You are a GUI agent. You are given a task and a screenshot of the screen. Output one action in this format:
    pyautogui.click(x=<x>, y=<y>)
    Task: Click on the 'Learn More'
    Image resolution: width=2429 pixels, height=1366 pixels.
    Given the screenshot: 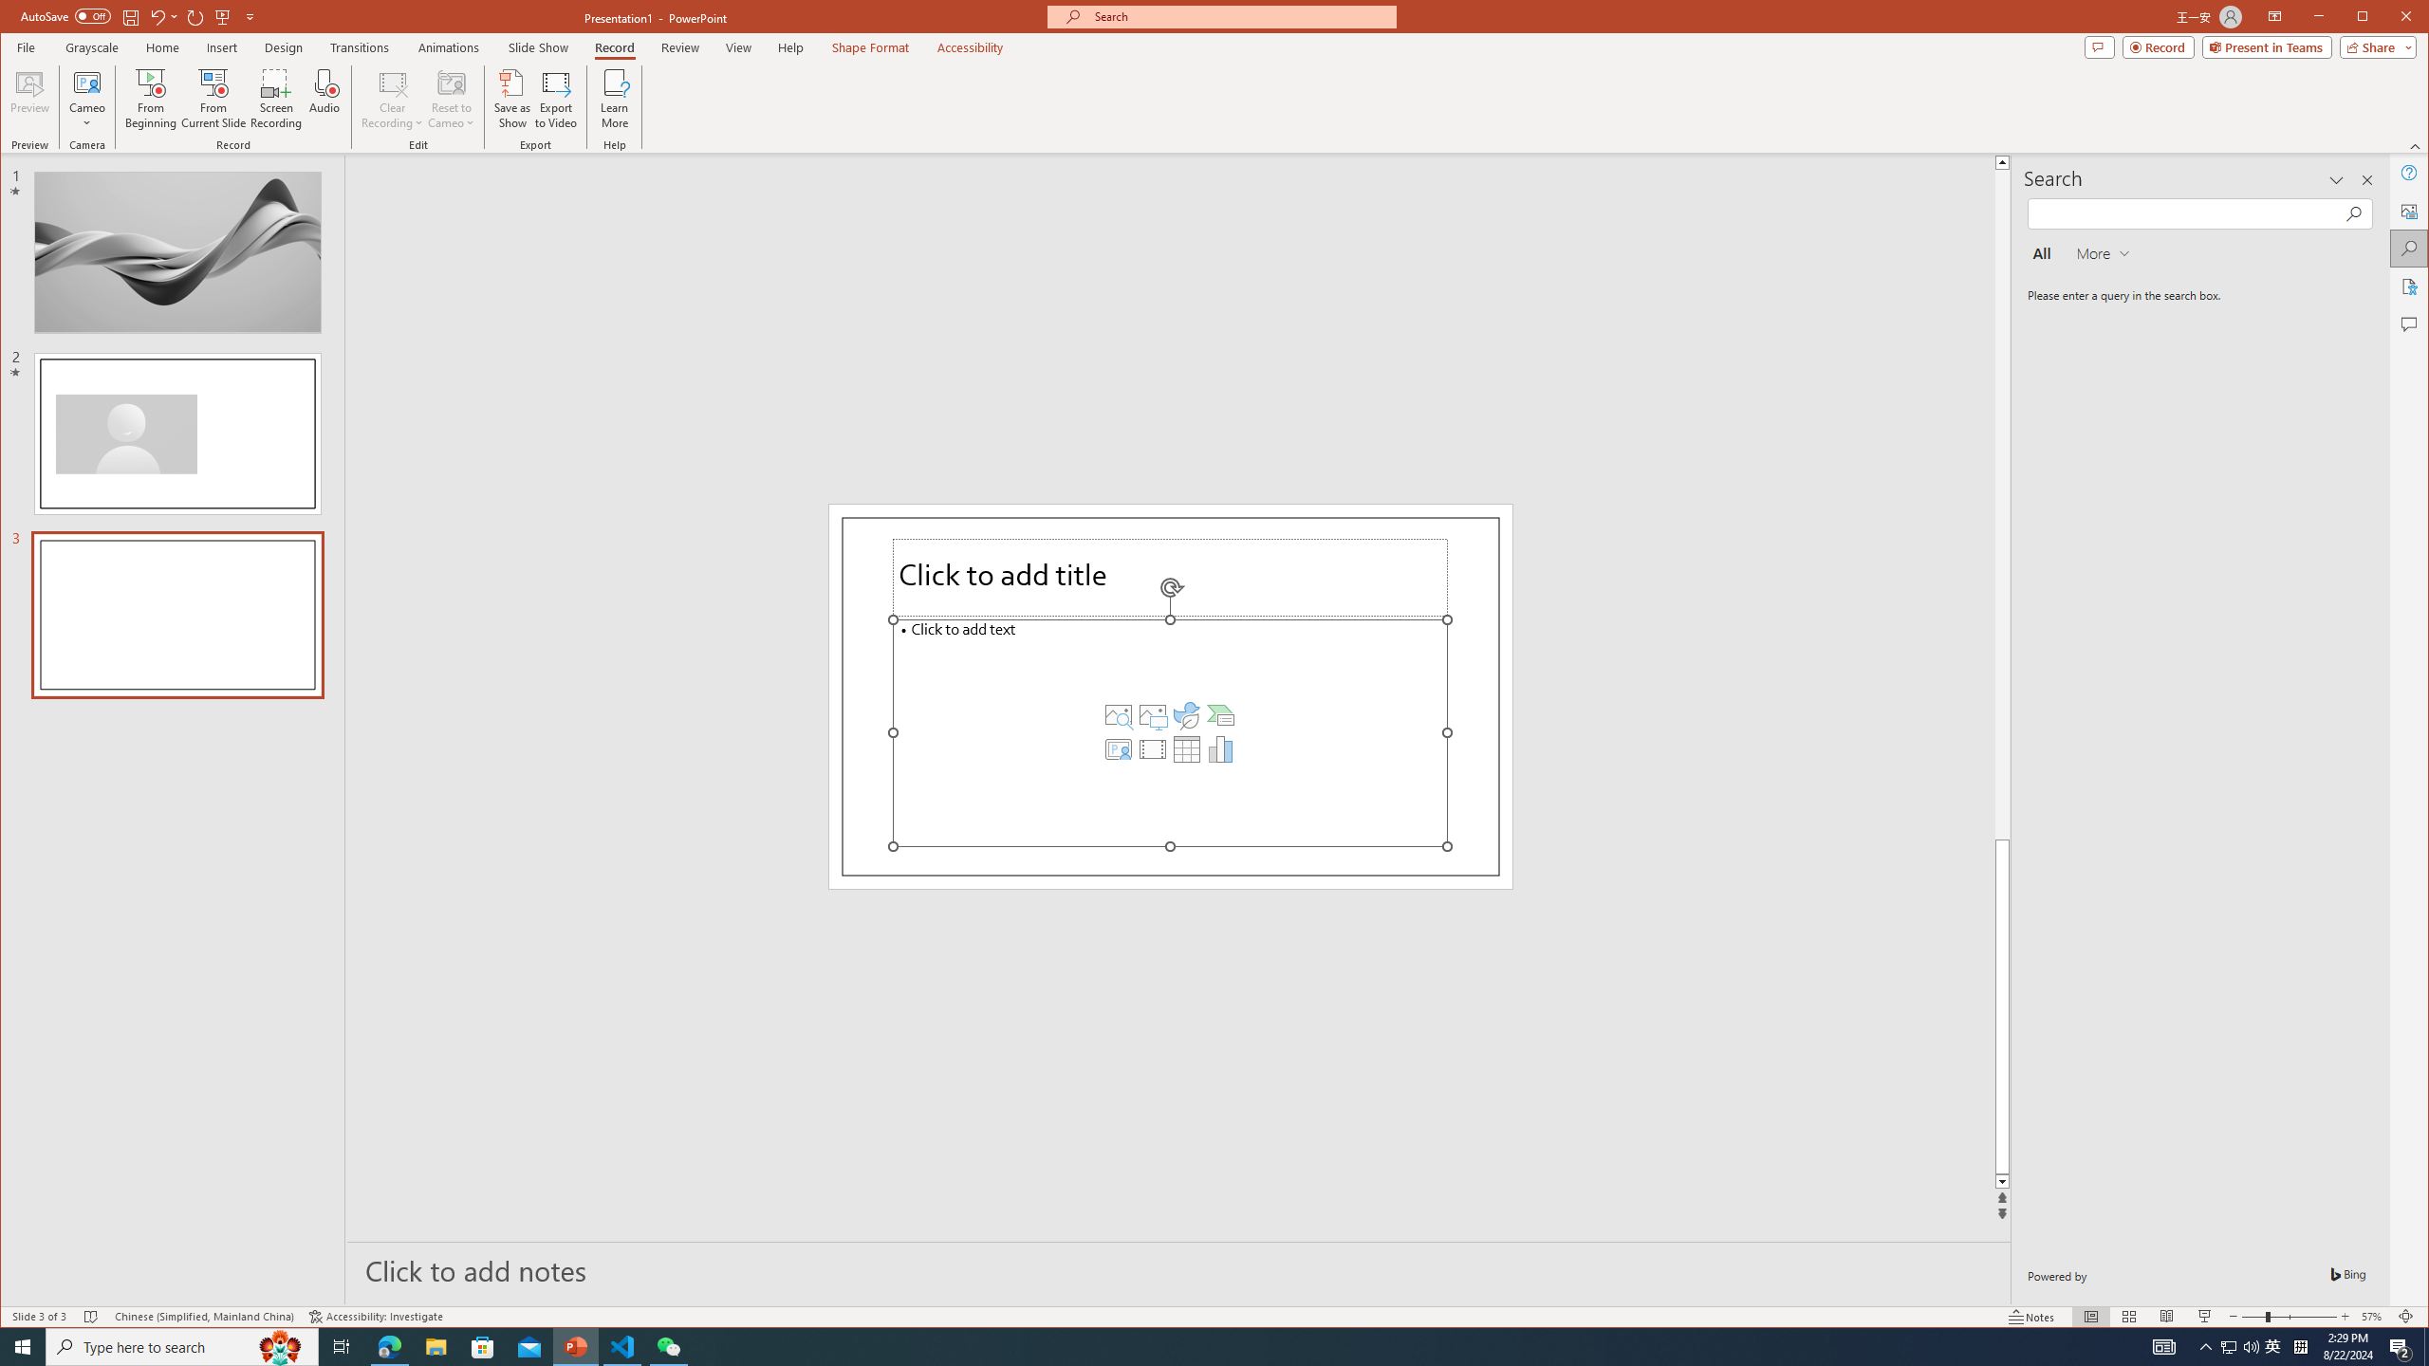 What is the action you would take?
    pyautogui.click(x=614, y=98)
    